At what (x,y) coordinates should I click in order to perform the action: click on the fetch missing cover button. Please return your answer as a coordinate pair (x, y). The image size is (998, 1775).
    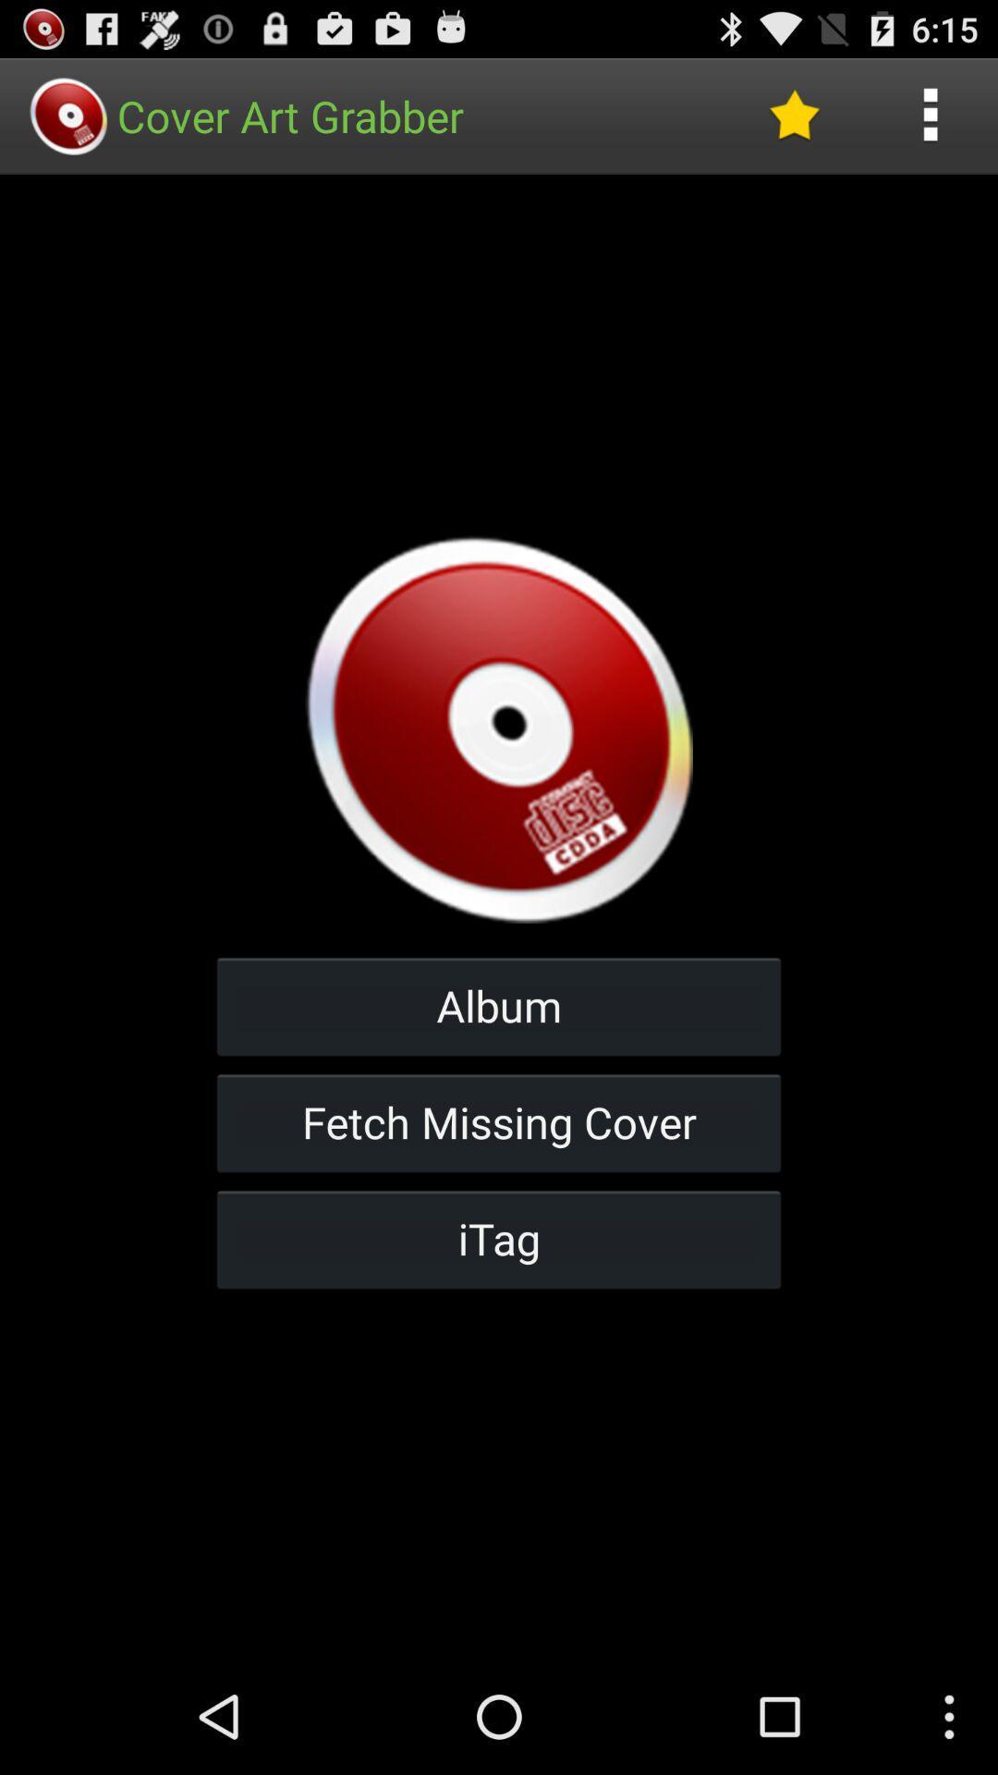
    Looking at the image, I should click on (499, 1121).